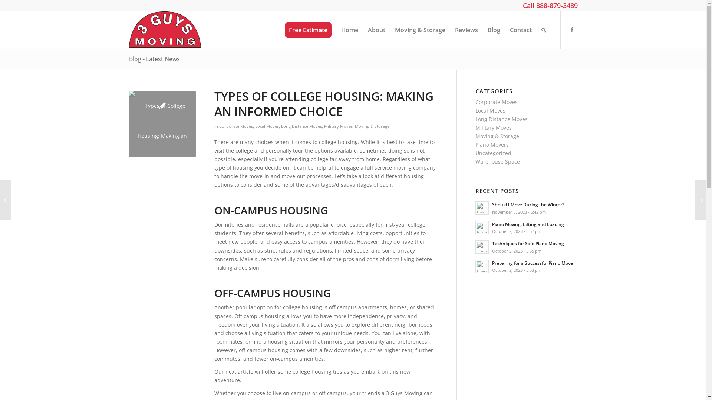 The image size is (712, 400). I want to click on 'Facebook', so click(571, 29).